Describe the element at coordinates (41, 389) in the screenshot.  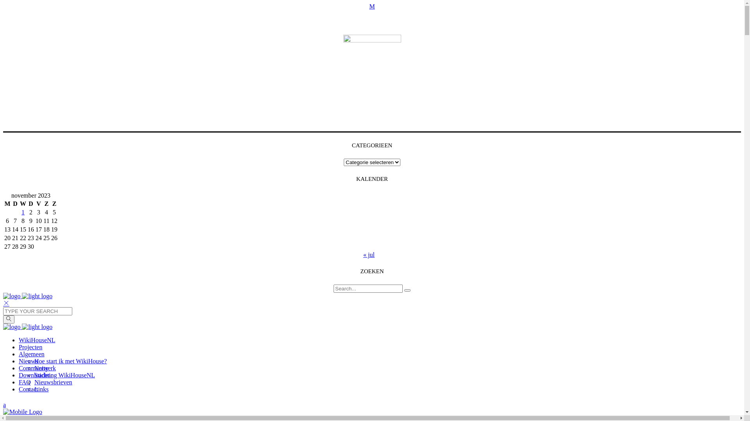
I see `'Links'` at that location.